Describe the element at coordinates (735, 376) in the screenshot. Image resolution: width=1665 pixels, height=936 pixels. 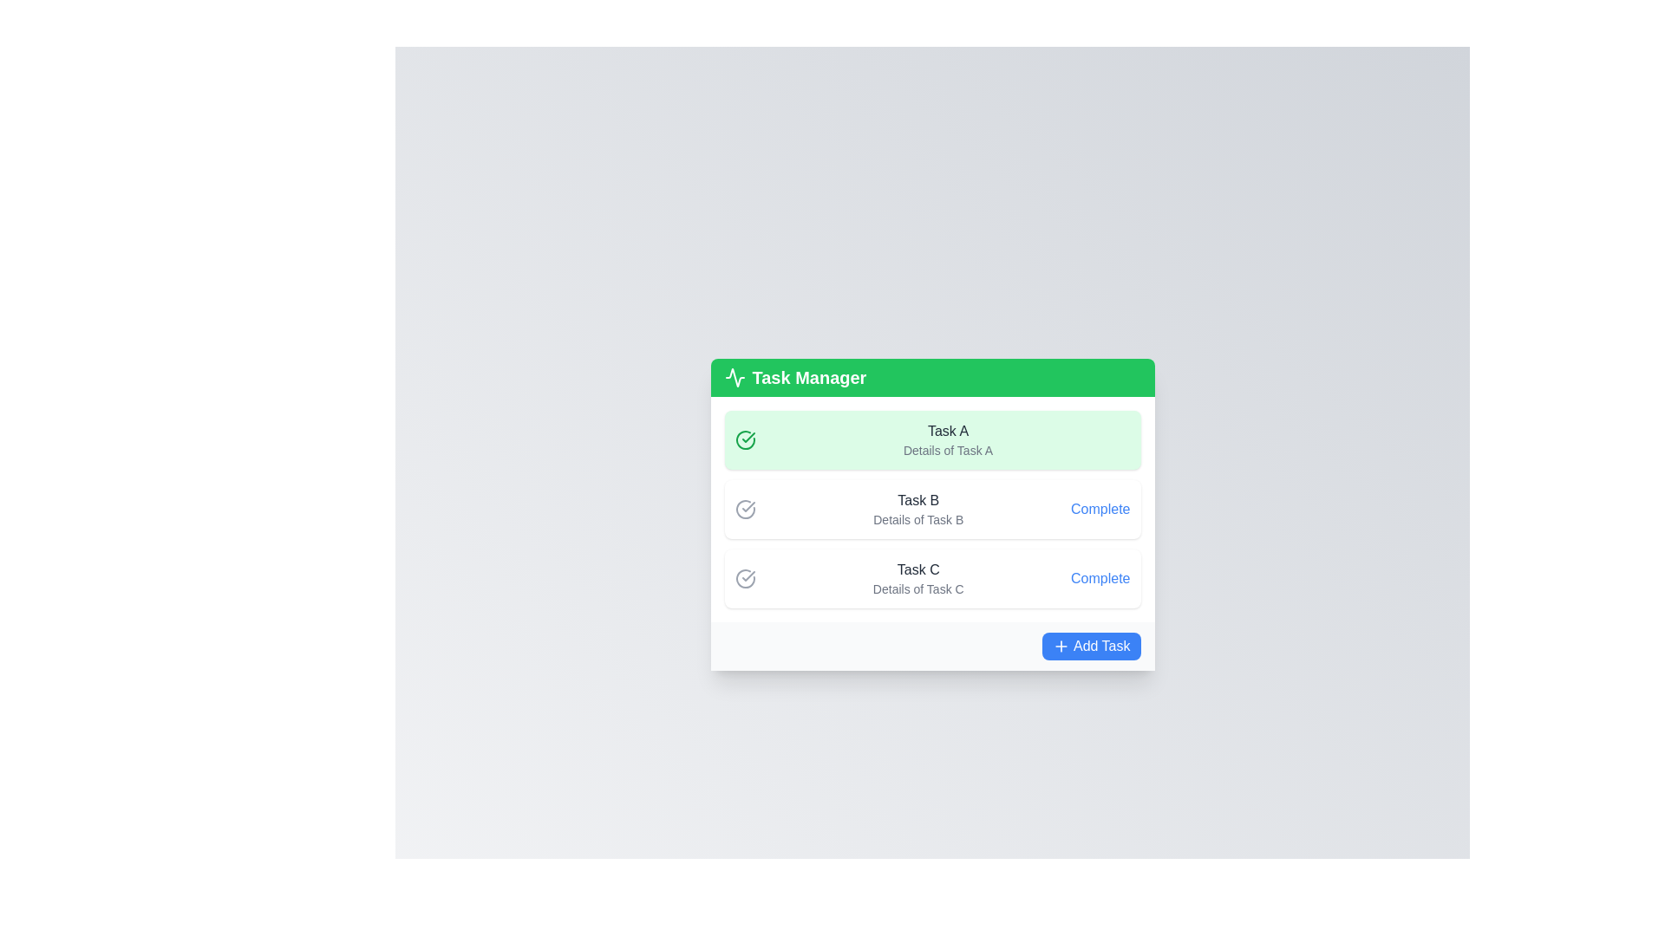
I see `the stylized waveform icon located in the top-left corner of the green header area labeled 'Task Manager'` at that location.